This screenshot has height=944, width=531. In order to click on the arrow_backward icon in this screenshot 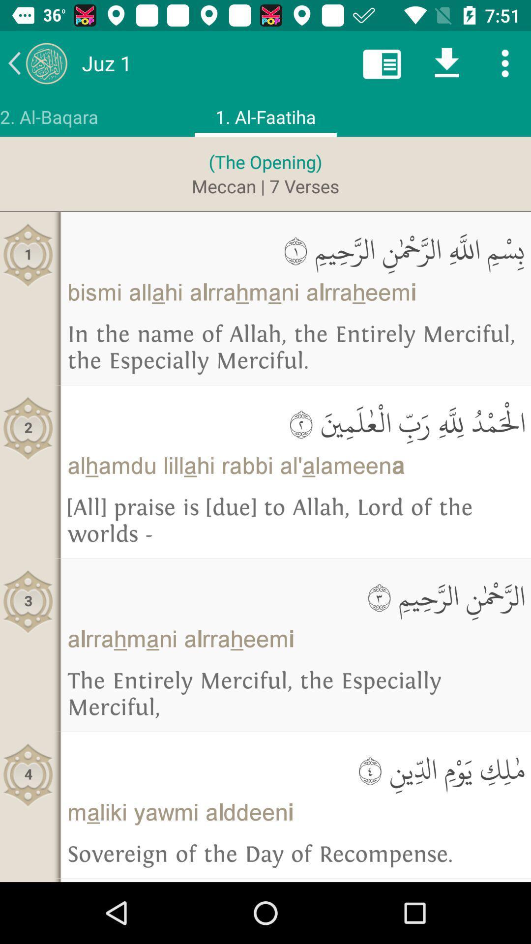, I will do `click(37, 62)`.